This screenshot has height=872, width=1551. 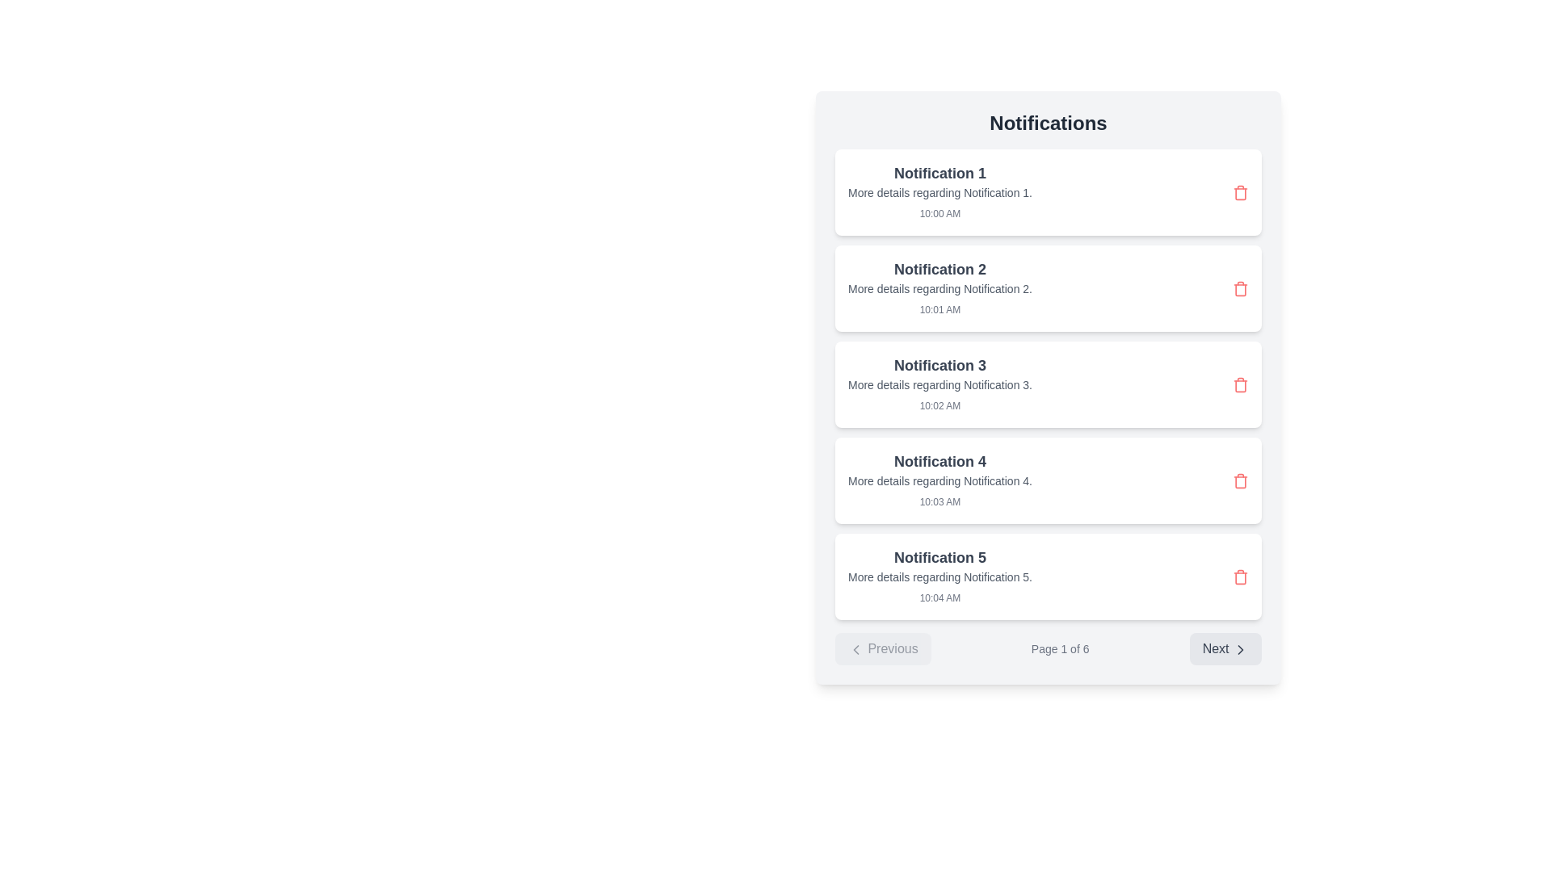 What do you see at coordinates (940, 174) in the screenshot?
I see `text of the 'Notification 1' label, which is displayed in a bold, dark gray font at the top of the notification card interface` at bounding box center [940, 174].